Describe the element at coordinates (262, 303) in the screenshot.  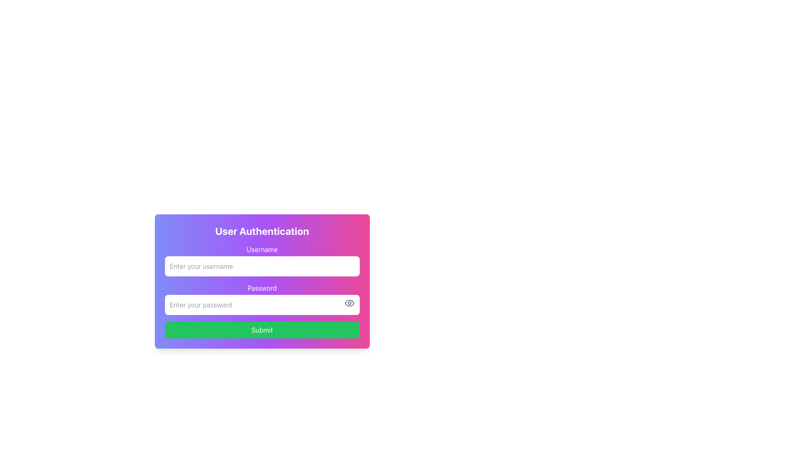
I see `the 'Password' input field within the purple and pink gradient box to type a password` at that location.